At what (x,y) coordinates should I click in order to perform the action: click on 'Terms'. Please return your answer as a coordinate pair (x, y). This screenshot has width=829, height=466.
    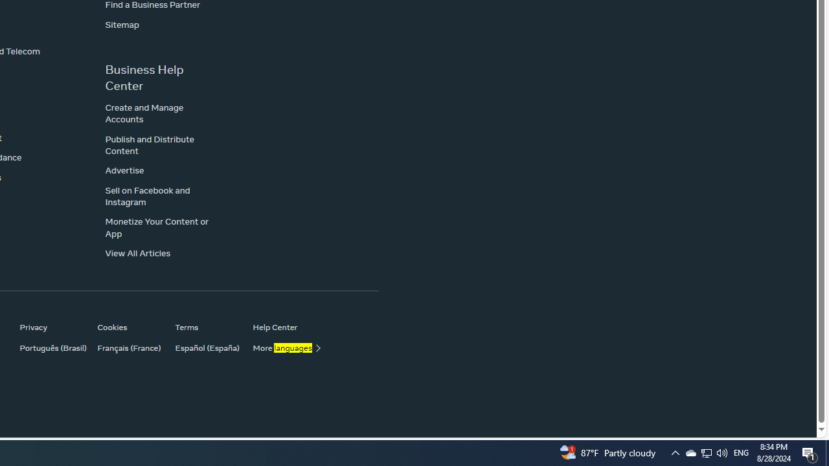
    Looking at the image, I should click on (207, 326).